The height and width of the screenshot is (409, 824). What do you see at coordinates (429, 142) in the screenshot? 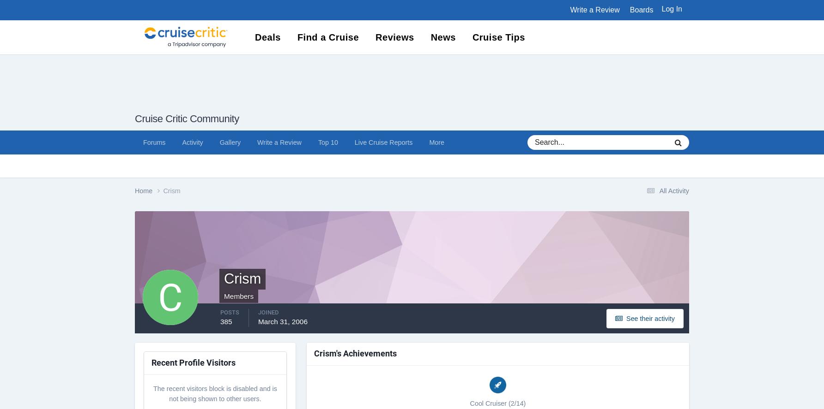
I see `'More'` at bounding box center [429, 142].